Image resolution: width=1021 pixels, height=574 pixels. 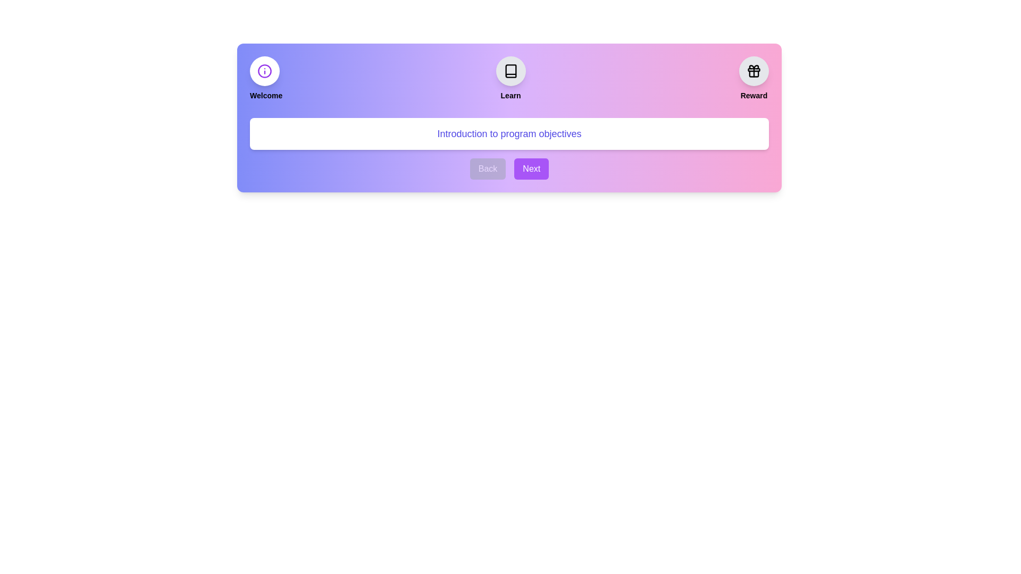 What do you see at coordinates (753, 71) in the screenshot?
I see `the step icon for Reward to view its details` at bounding box center [753, 71].